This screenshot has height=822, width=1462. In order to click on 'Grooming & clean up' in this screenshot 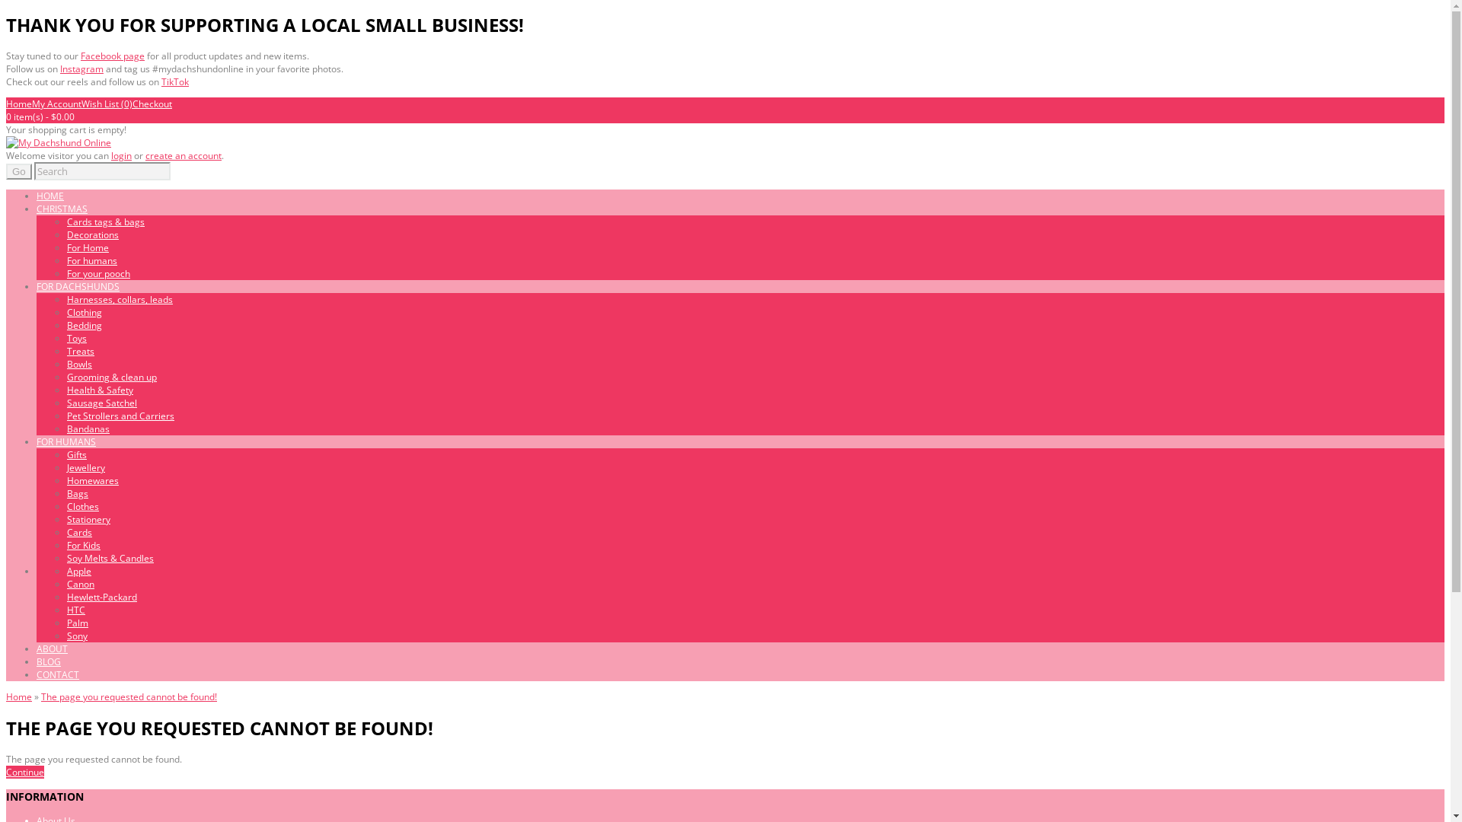, I will do `click(65, 377)`.